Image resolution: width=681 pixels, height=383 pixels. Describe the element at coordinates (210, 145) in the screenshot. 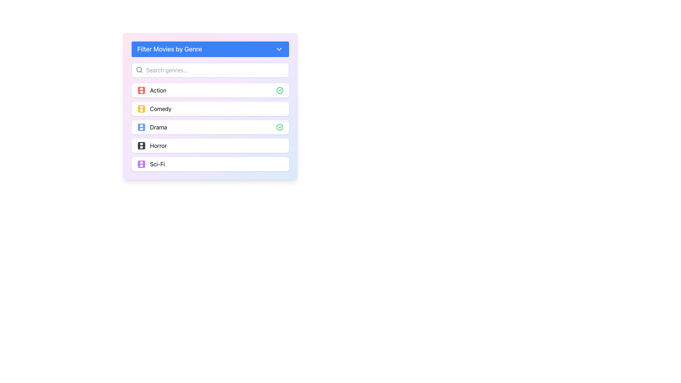

I see `the 'Horror' genre option in the list titled 'Filter Movies by Genre'` at that location.